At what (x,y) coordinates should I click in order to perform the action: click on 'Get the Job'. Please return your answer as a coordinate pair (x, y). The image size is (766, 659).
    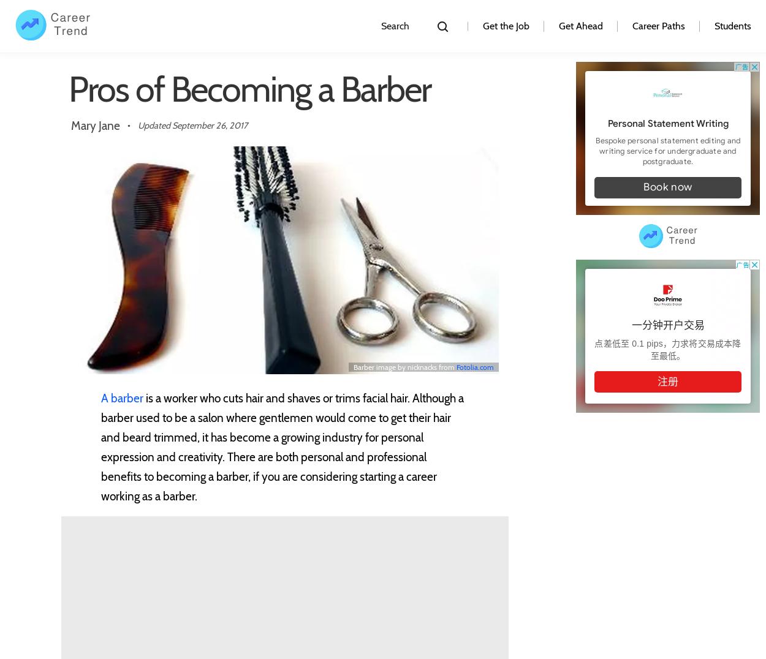
    Looking at the image, I should click on (506, 25).